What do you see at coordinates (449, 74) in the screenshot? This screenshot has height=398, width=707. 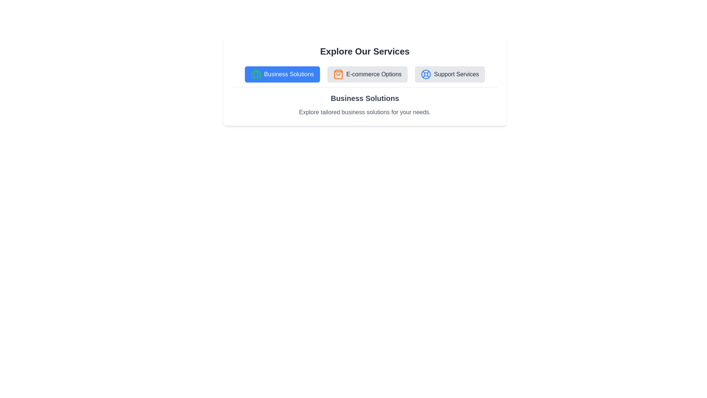 I see `the tab corresponding to Support Services` at bounding box center [449, 74].